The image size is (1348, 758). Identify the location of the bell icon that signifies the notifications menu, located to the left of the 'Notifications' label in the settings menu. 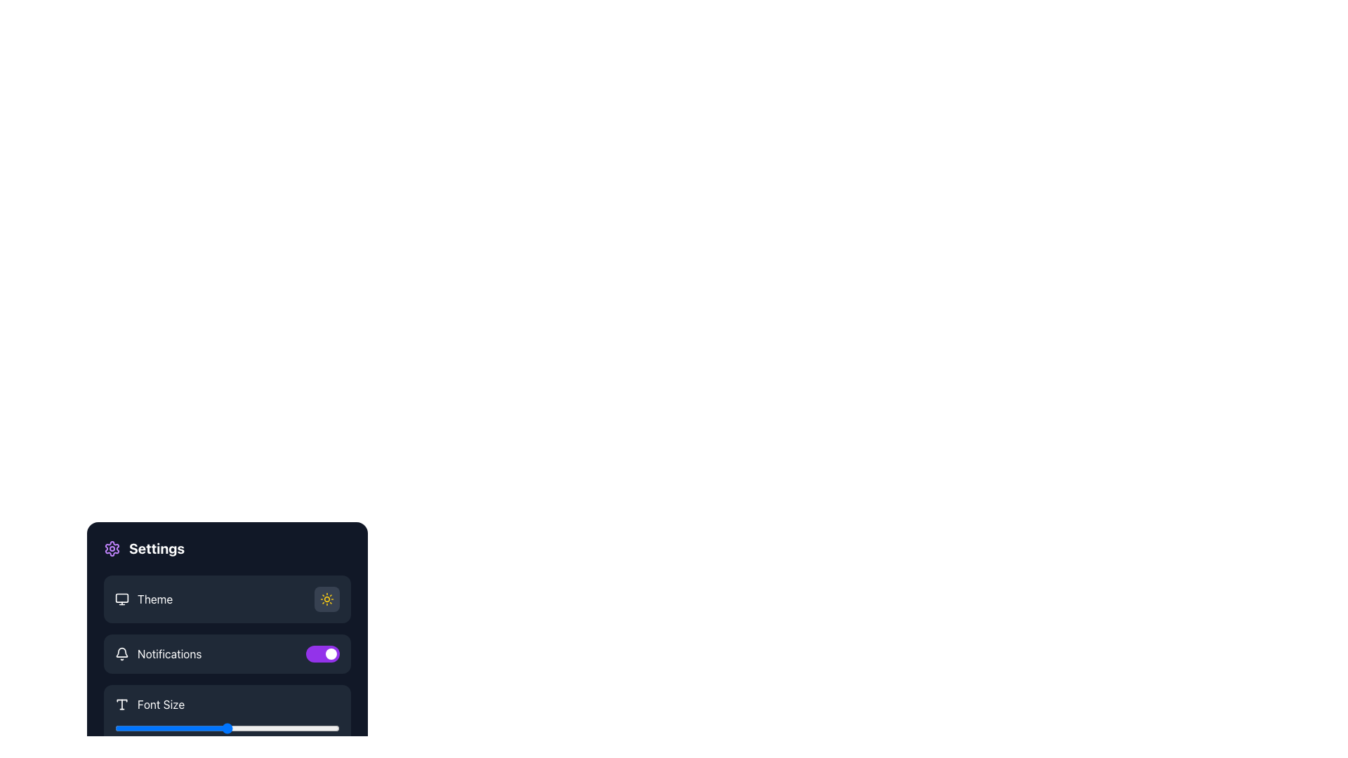
(121, 654).